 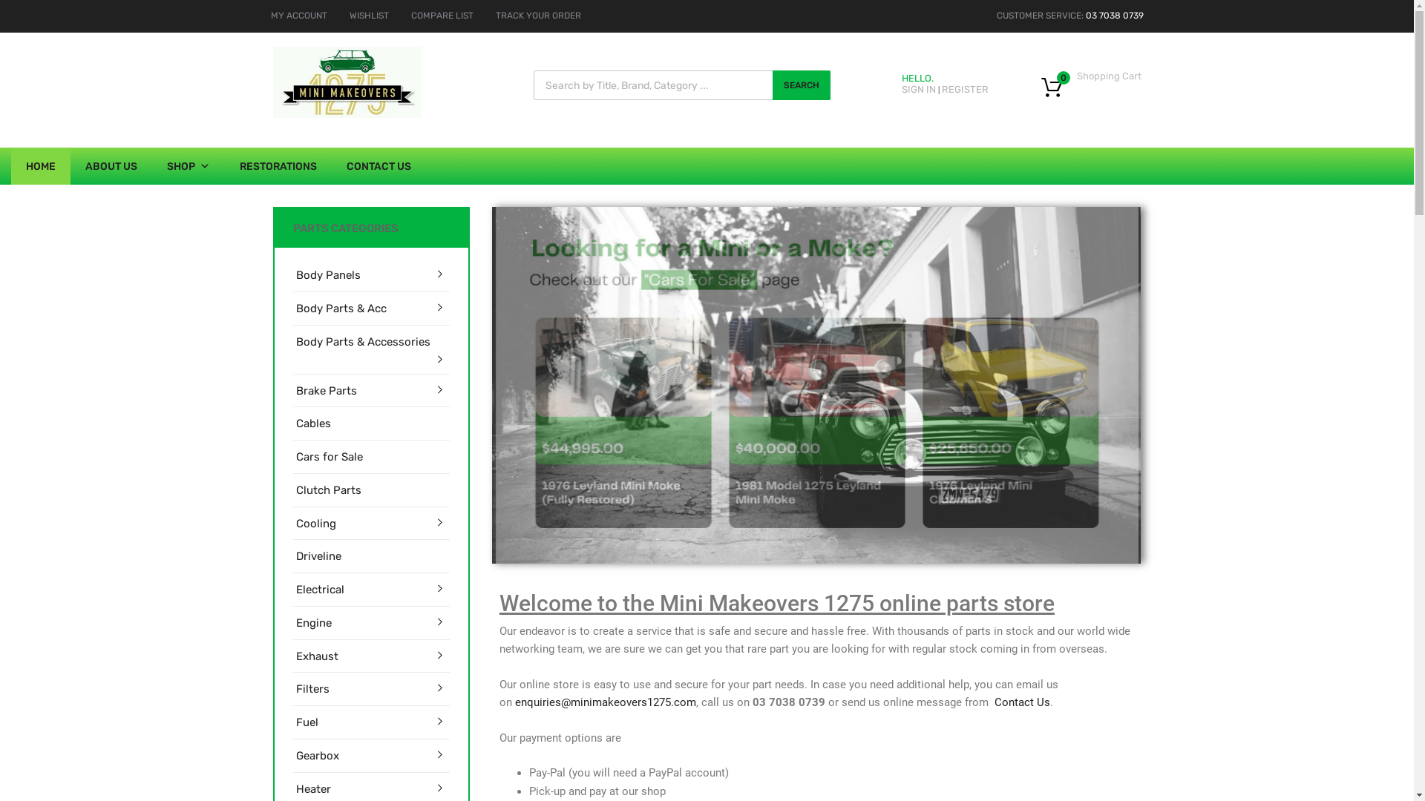 What do you see at coordinates (312, 788) in the screenshot?
I see `'Heater'` at bounding box center [312, 788].